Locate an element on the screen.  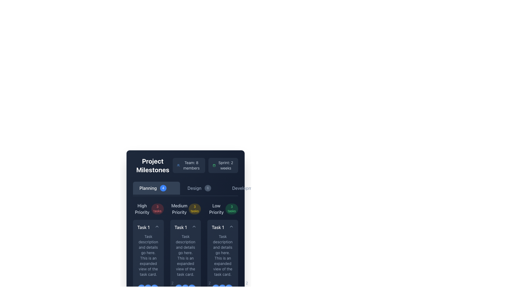
the information displayed on the Label with graphic indicator showing the number of team members assigned to the current project, located beneath 'Project Milestones' is located at coordinates (185, 165).